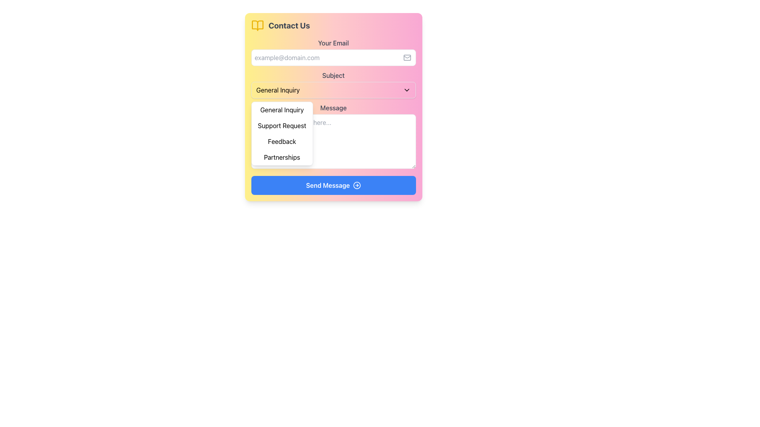 Image resolution: width=760 pixels, height=427 pixels. I want to click on the 'Feedback' option in the dropdown menu located below the 'Support Request' option and above the 'Partnerships' option in the 'Contact Us' form, so click(282, 141).